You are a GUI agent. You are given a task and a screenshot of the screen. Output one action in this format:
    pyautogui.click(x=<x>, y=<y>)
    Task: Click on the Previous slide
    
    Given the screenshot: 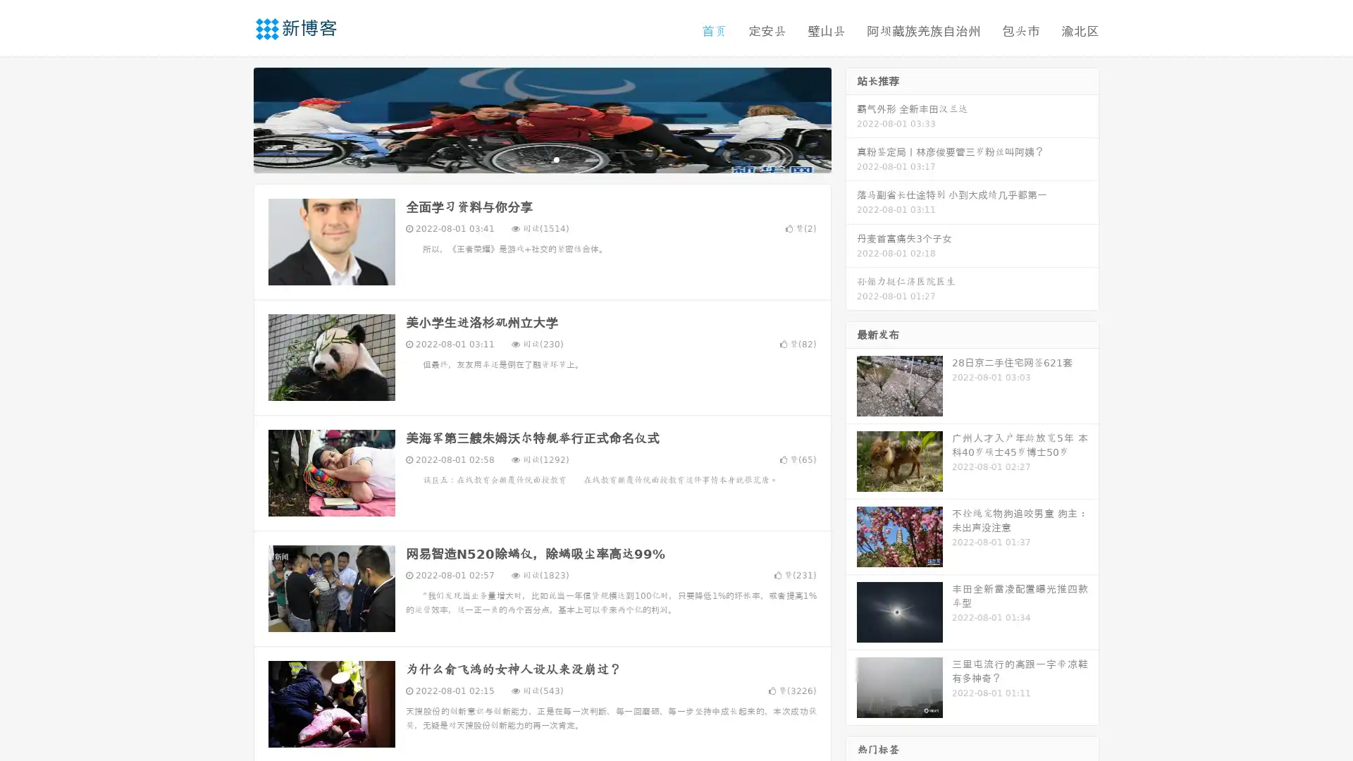 What is the action you would take?
    pyautogui.click(x=233, y=118)
    